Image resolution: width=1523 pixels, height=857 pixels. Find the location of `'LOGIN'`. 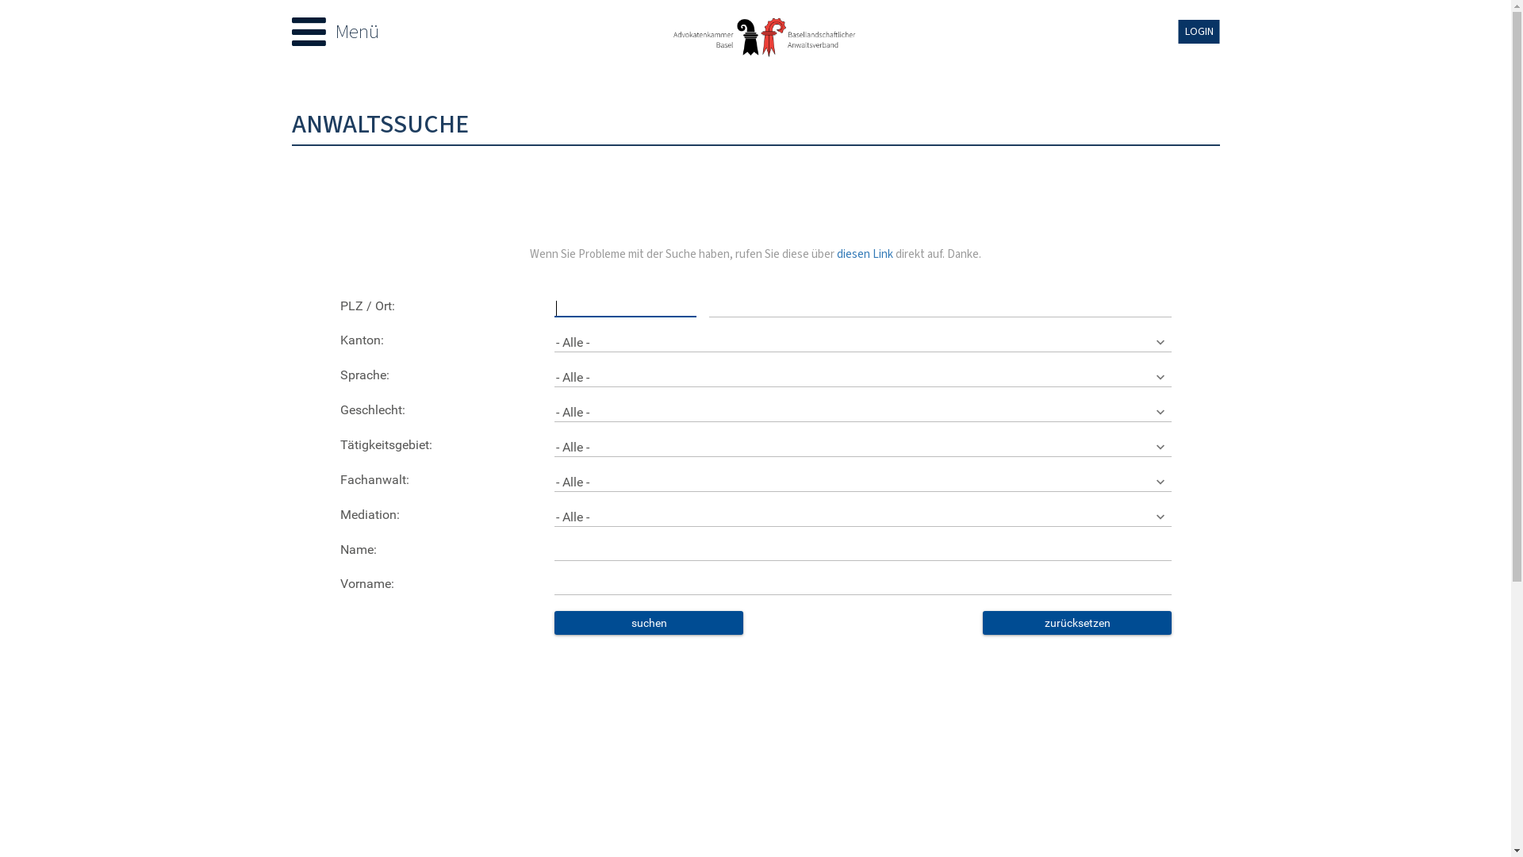

'LOGIN' is located at coordinates (1199, 31).